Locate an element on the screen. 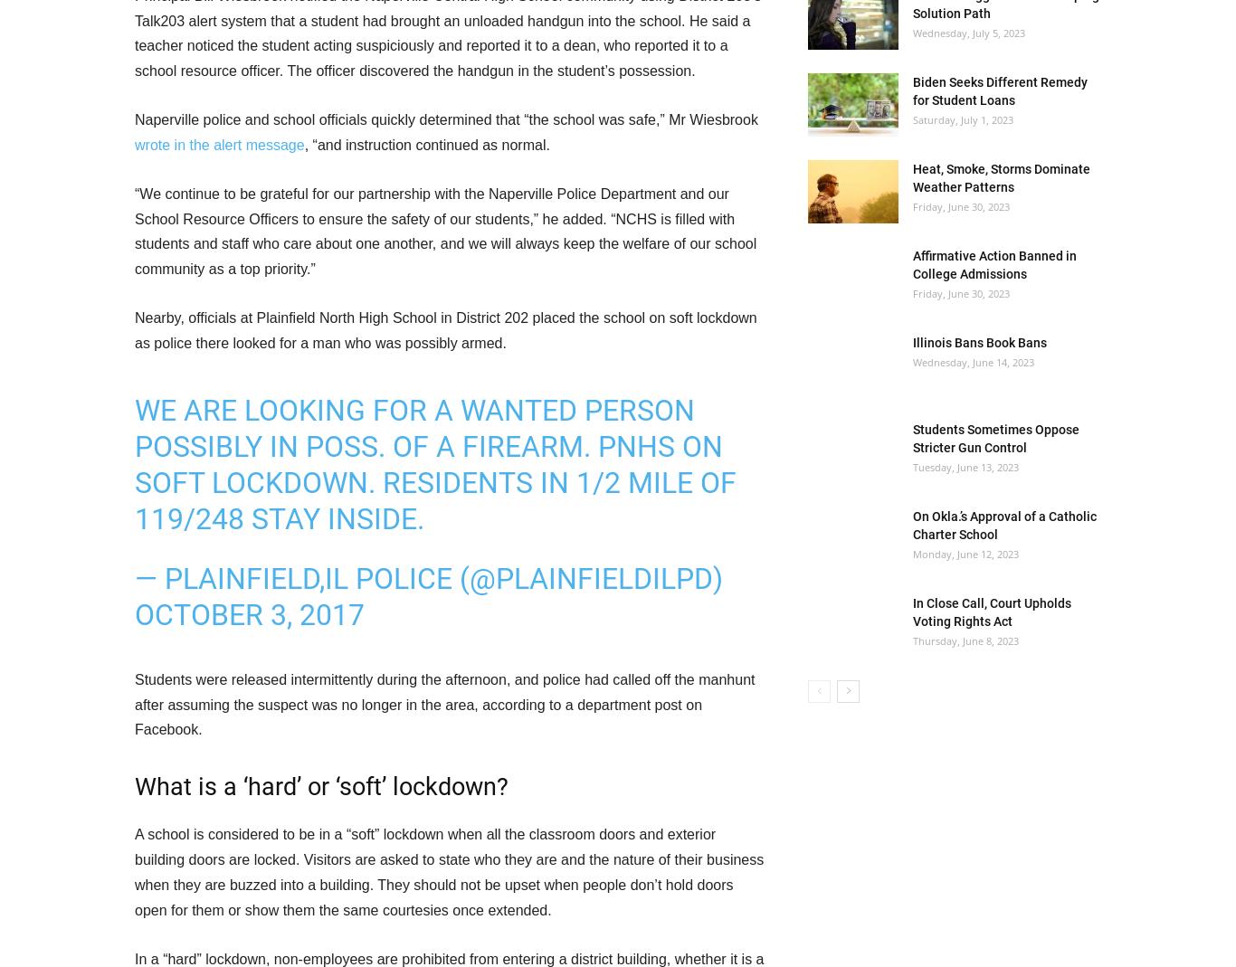 This screenshot has height=967, width=1236. 'Biden Seeks Different Remedy for Student Loans' is located at coordinates (913, 90).